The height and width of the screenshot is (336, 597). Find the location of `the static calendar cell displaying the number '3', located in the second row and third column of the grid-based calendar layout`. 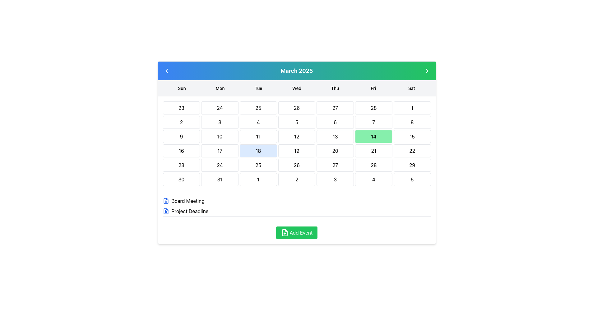

the static calendar cell displaying the number '3', located in the second row and third column of the grid-based calendar layout is located at coordinates (220, 122).